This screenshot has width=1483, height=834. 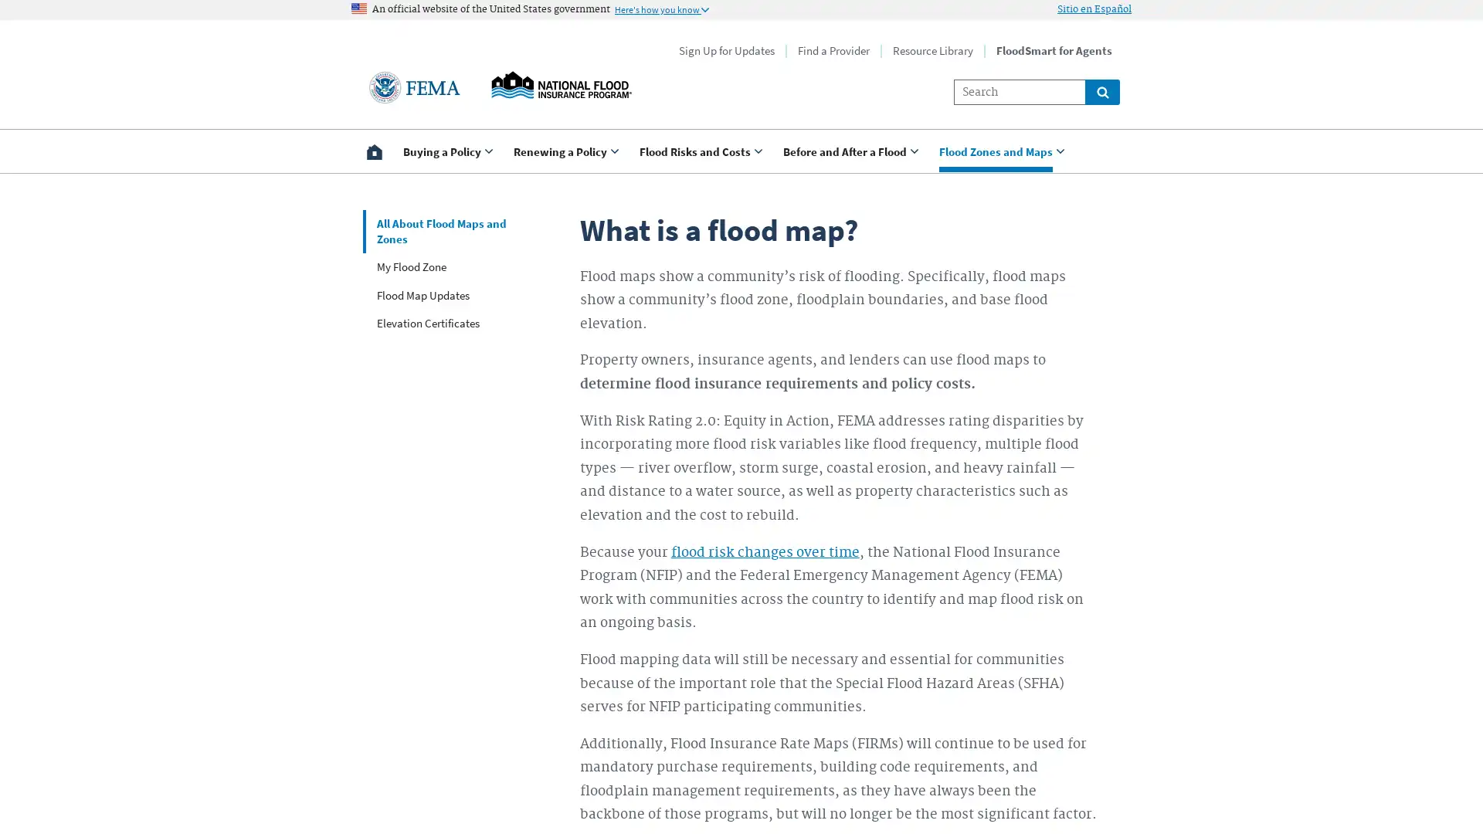 What do you see at coordinates (450, 151) in the screenshot?
I see `Use <enter> and shift + <enter> to open and close the drop down to sub-menus` at bounding box center [450, 151].